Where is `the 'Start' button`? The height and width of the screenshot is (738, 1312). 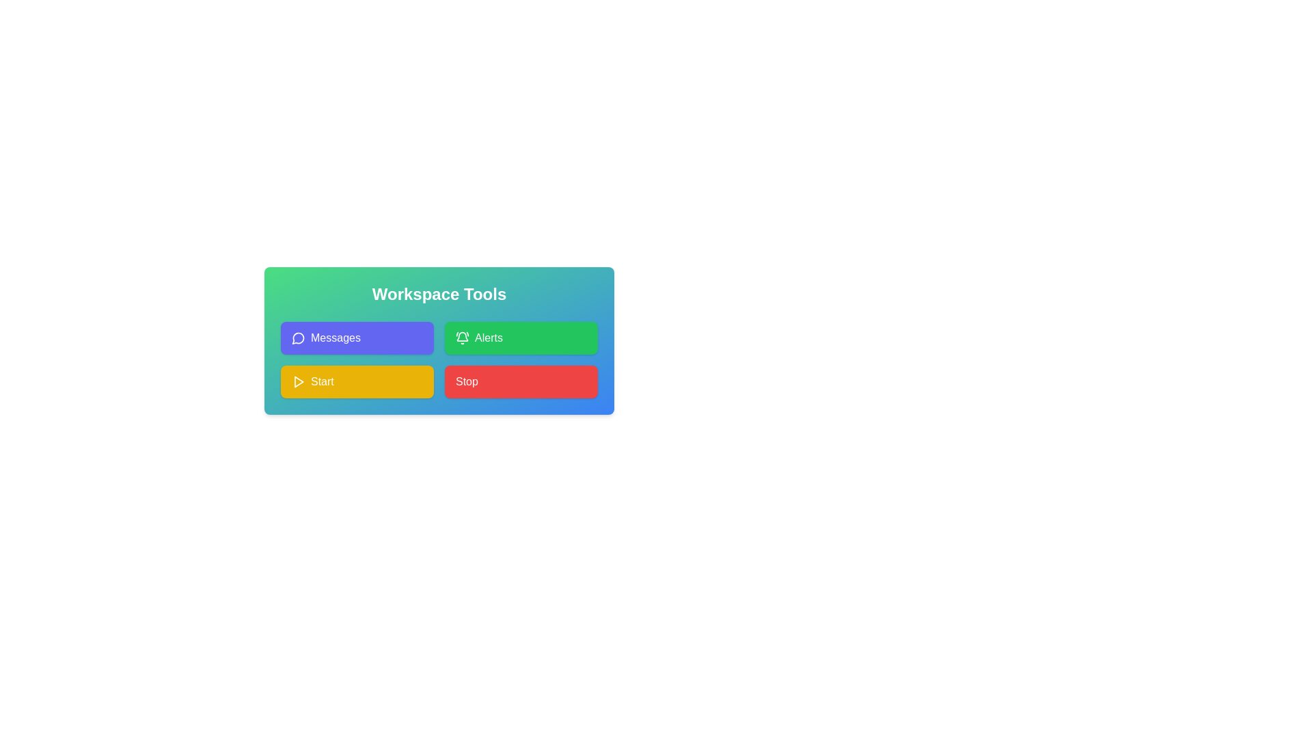
the 'Start' button is located at coordinates (357, 382).